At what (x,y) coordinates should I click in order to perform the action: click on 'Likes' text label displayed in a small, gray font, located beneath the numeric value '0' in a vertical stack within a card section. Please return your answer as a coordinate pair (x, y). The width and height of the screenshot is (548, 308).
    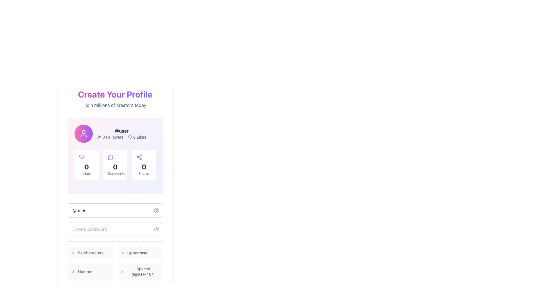
    Looking at the image, I should click on (86, 173).